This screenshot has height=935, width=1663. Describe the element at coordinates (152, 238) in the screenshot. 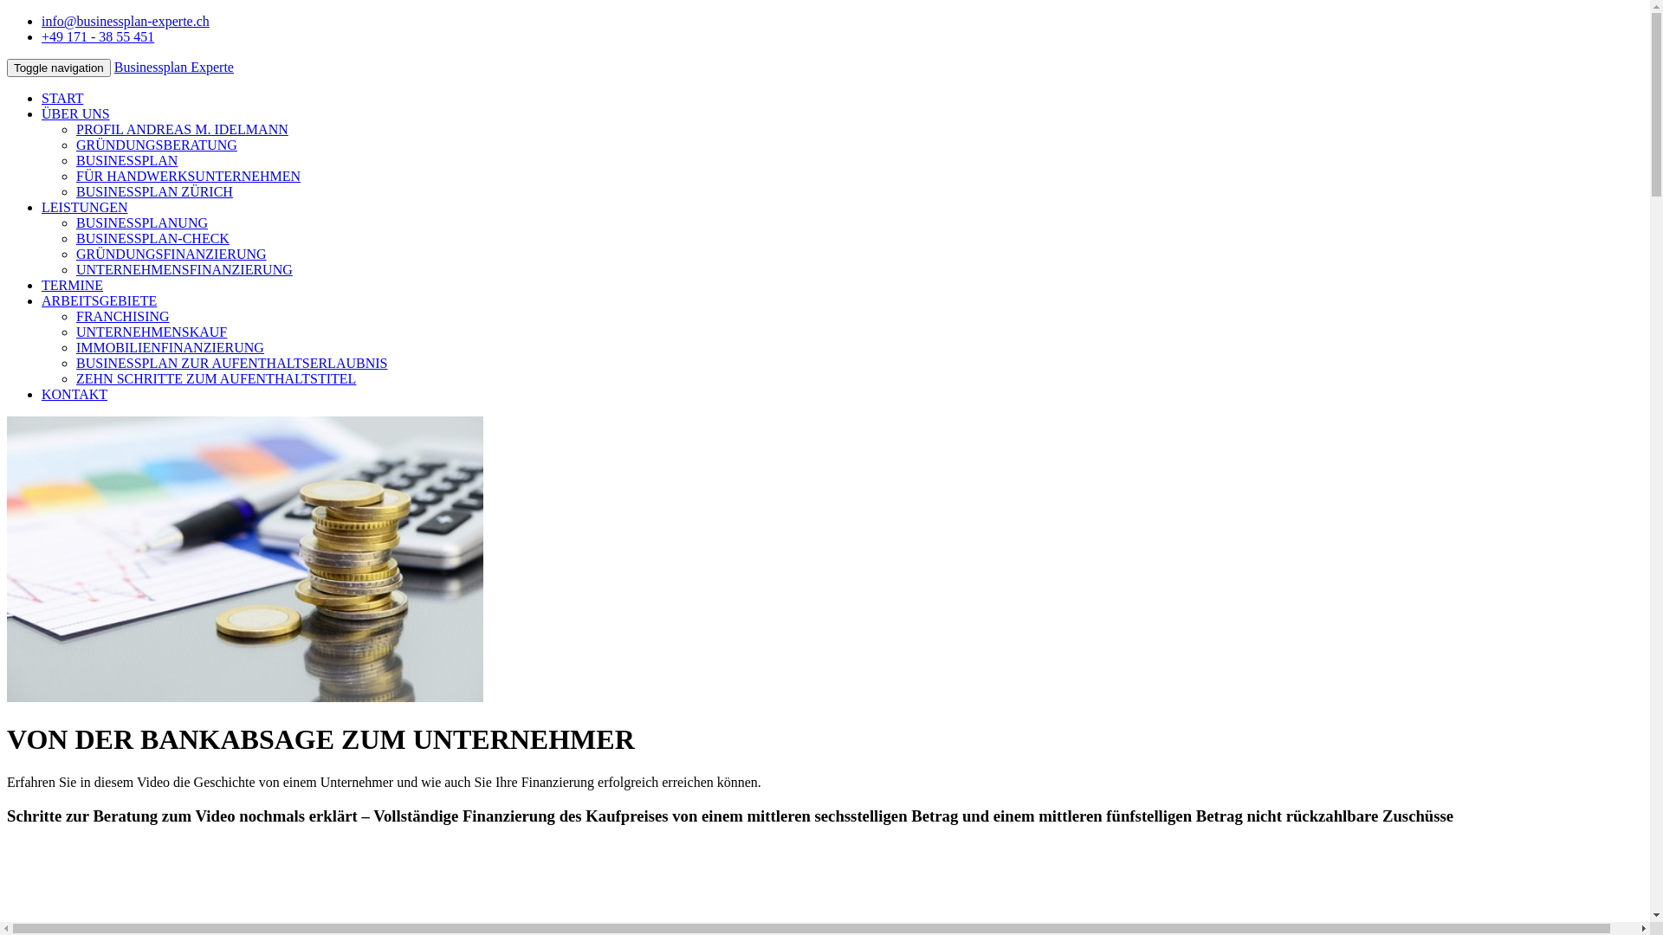

I see `'BUSINESSPLAN-CHECK'` at that location.